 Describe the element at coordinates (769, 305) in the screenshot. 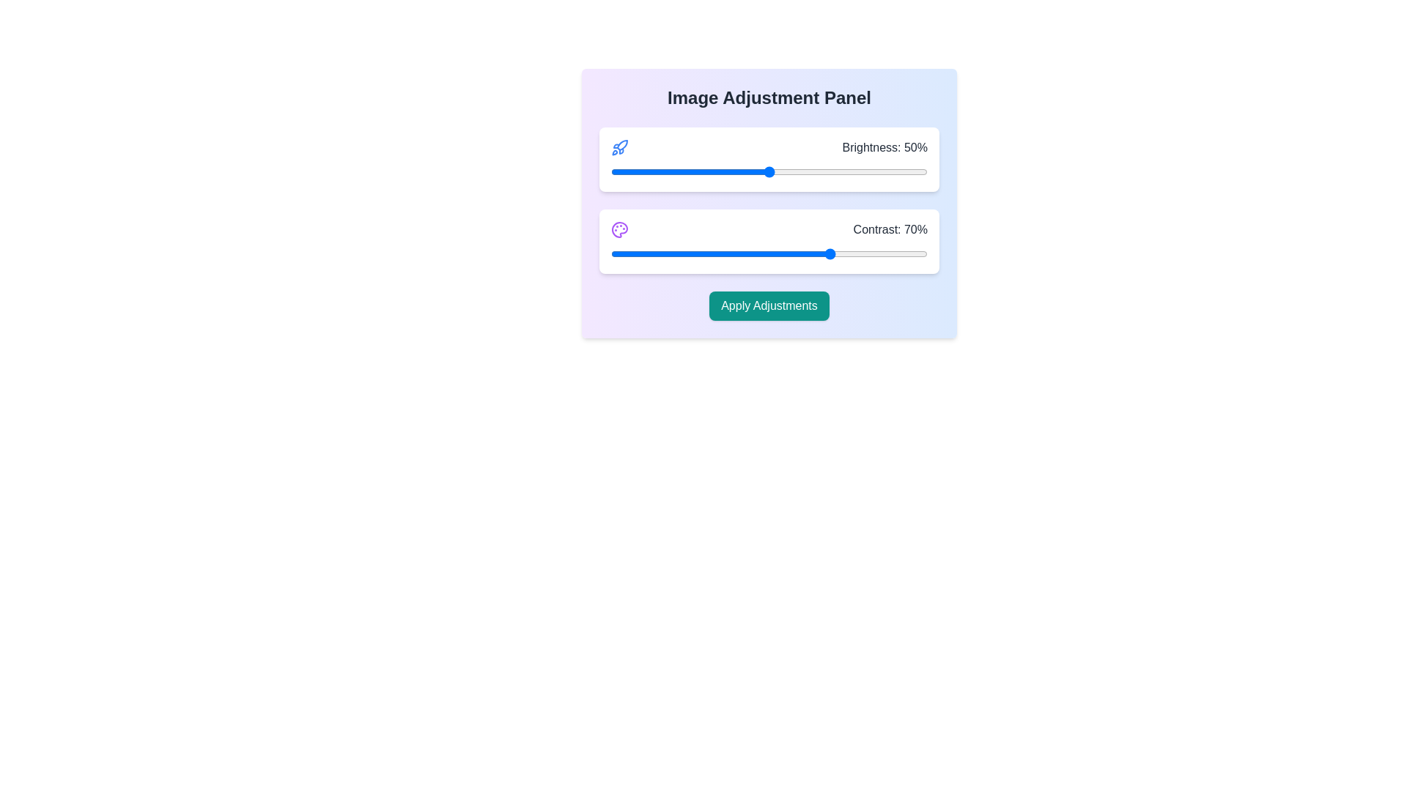

I see `the 'Apply Adjustments' button` at that location.